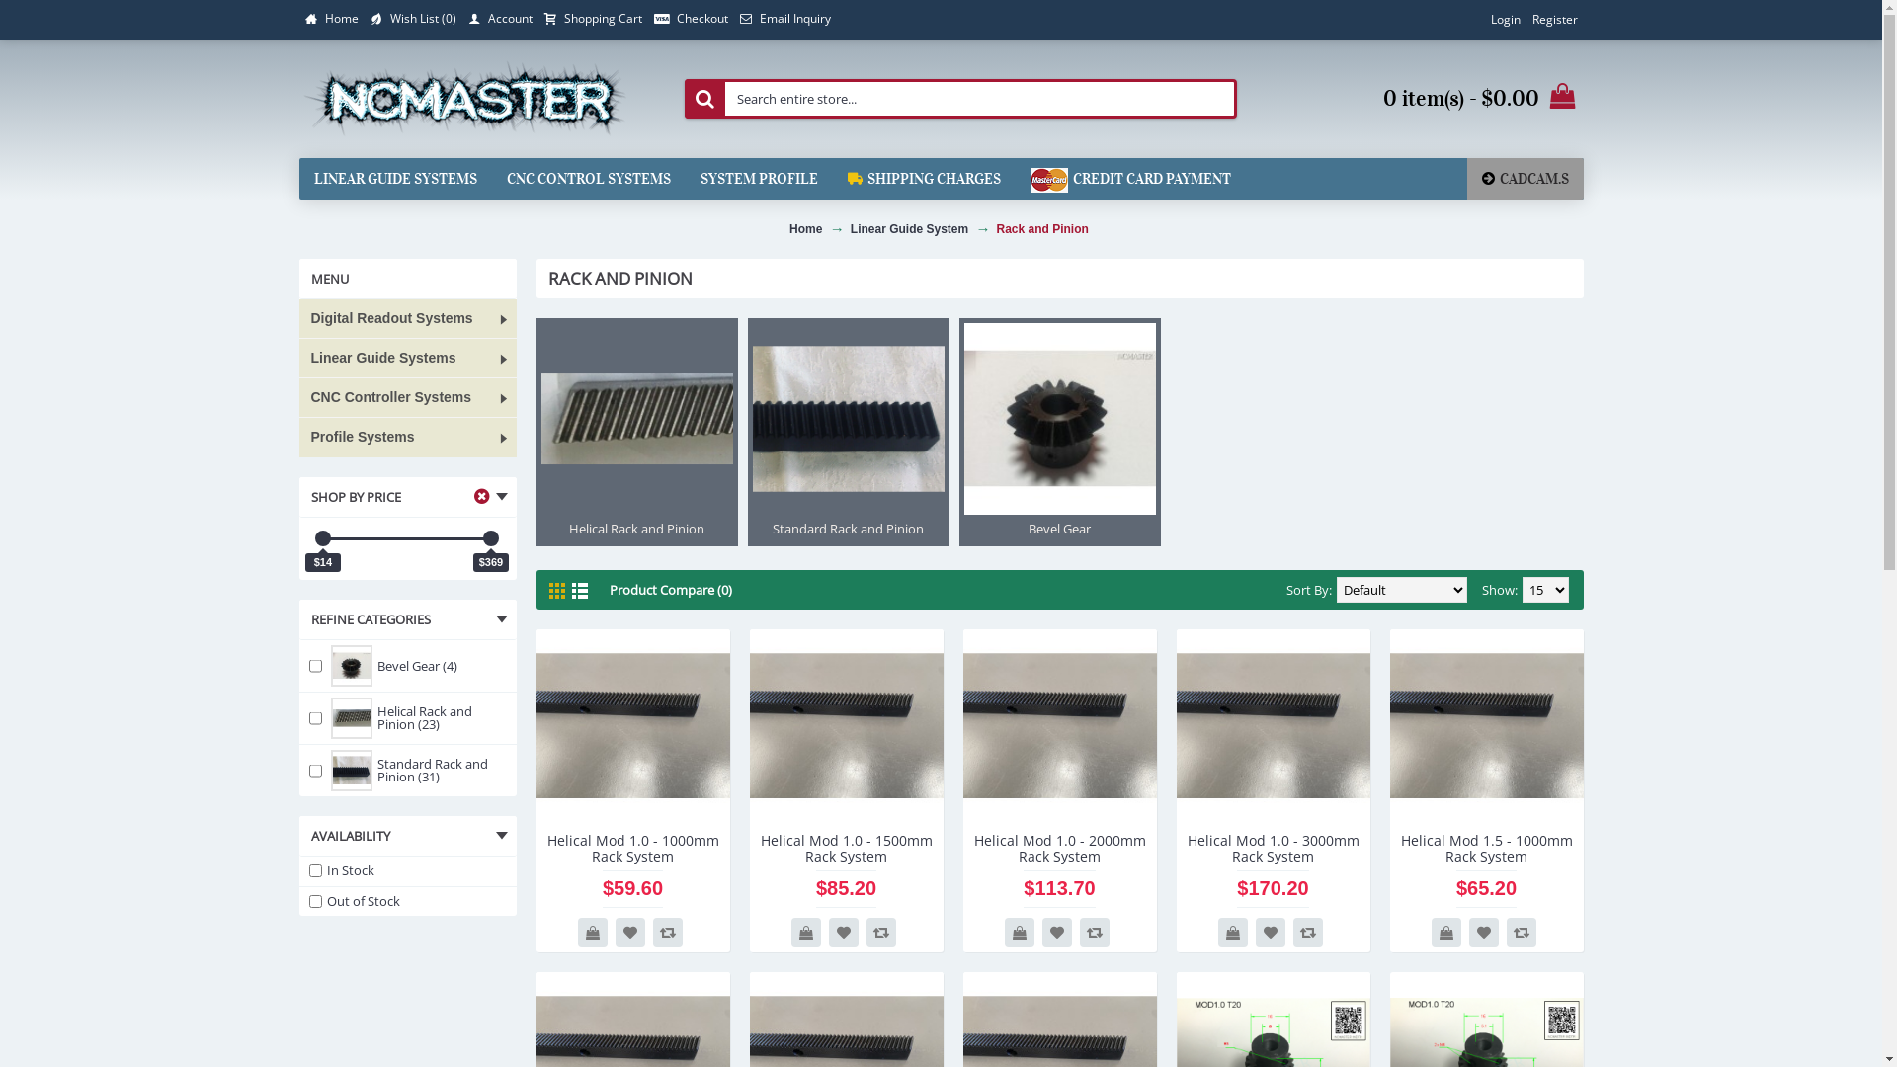  What do you see at coordinates (394, 179) in the screenshot?
I see `'LINEAR GUIDE SYSTEMS'` at bounding box center [394, 179].